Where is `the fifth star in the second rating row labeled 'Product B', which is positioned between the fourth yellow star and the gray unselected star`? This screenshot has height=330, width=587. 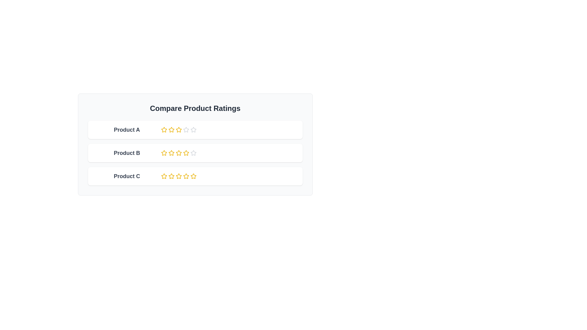 the fifth star in the second rating row labeled 'Product B', which is positioned between the fourth yellow star and the gray unselected star is located at coordinates (186, 153).